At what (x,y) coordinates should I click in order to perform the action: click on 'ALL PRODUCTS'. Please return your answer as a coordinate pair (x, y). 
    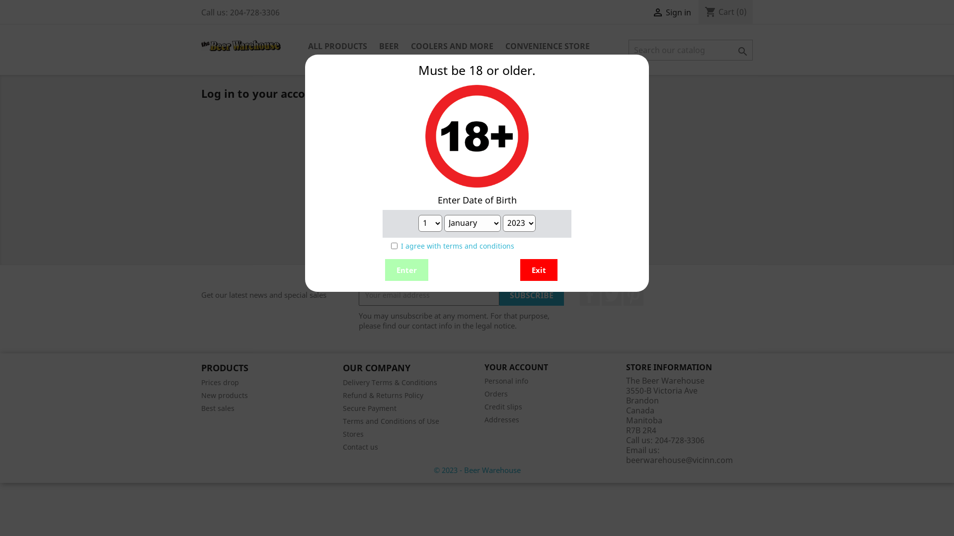
    Looking at the image, I should click on (302, 47).